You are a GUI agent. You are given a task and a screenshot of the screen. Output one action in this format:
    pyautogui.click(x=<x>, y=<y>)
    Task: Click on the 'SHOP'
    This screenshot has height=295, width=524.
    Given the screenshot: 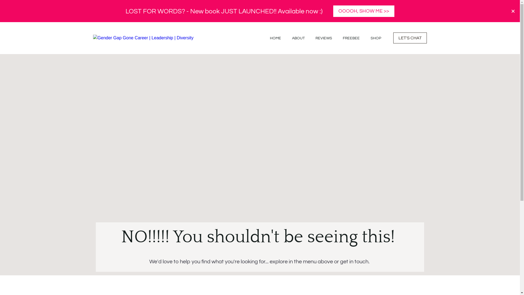 What is the action you would take?
    pyautogui.click(x=376, y=38)
    